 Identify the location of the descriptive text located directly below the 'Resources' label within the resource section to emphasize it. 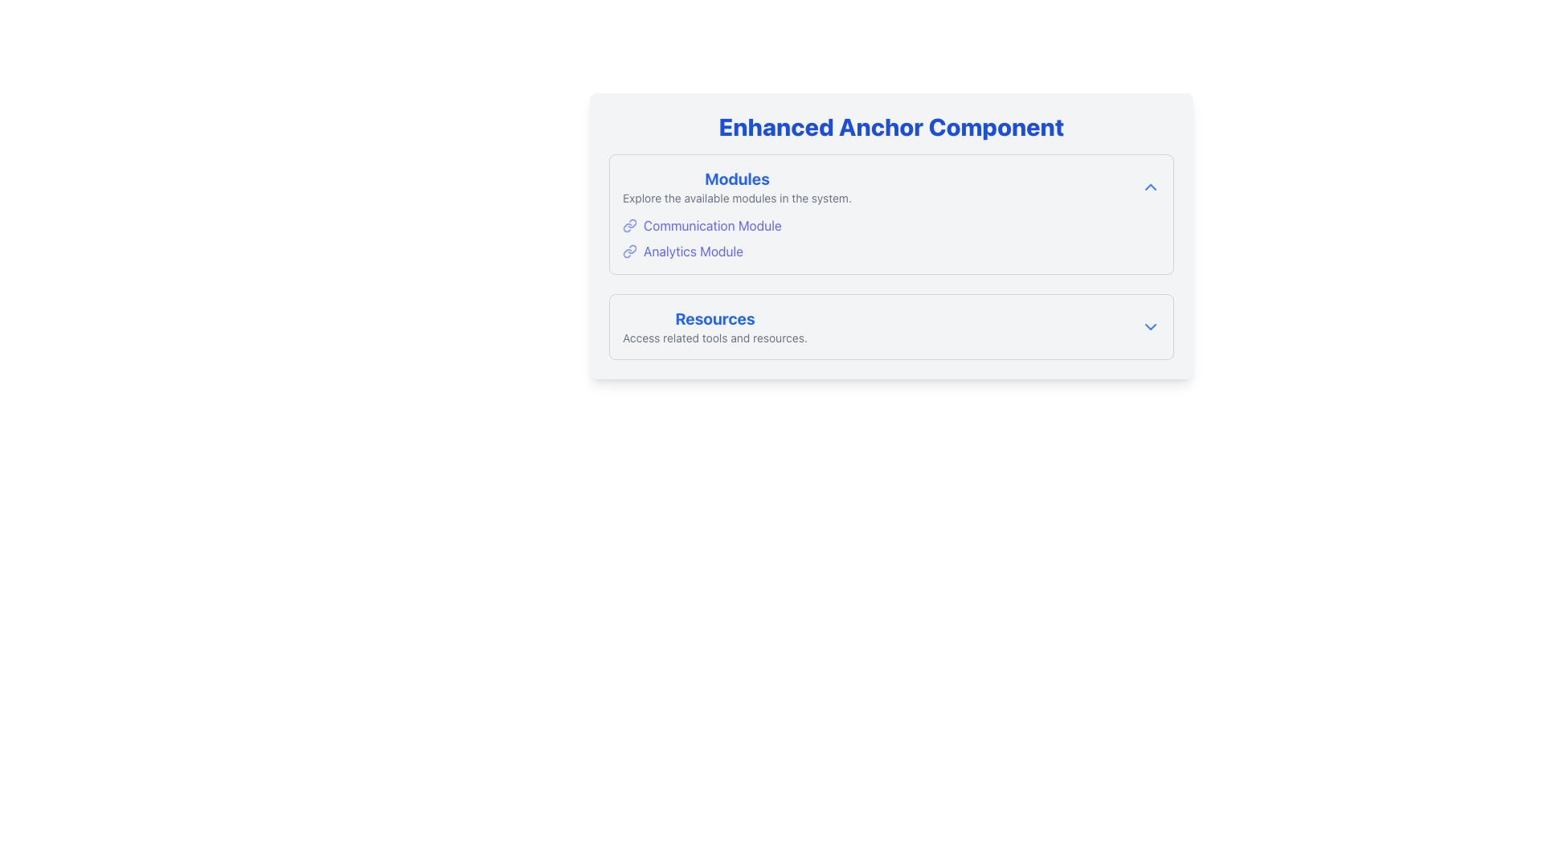
(714, 337).